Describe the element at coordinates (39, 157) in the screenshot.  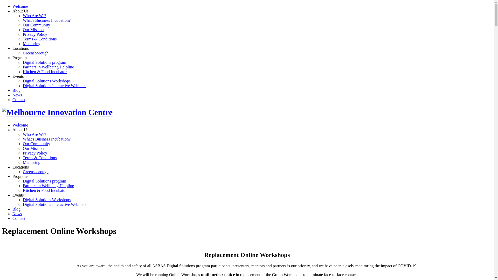
I see `'Terms & Conditions'` at that location.